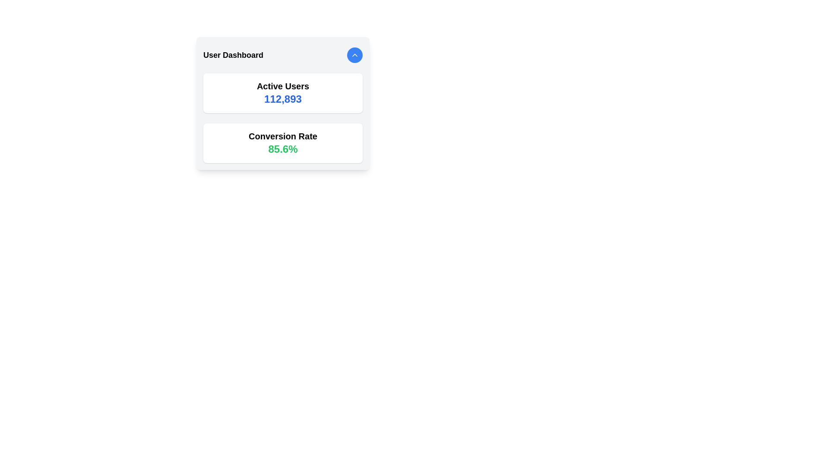 The image size is (829, 466). I want to click on the 'Active Users' heading, which displays the text in a bold sans-serif font, centered at the top of a card-like panel, so click(283, 86).